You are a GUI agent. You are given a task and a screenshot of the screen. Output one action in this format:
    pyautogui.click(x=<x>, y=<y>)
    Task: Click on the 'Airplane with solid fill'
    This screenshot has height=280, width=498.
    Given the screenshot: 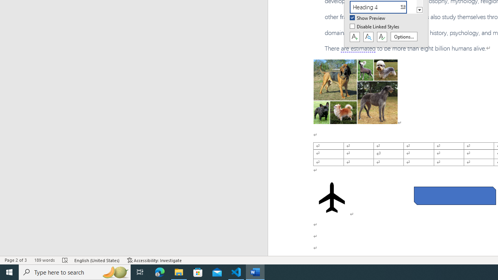 What is the action you would take?
    pyautogui.click(x=332, y=197)
    